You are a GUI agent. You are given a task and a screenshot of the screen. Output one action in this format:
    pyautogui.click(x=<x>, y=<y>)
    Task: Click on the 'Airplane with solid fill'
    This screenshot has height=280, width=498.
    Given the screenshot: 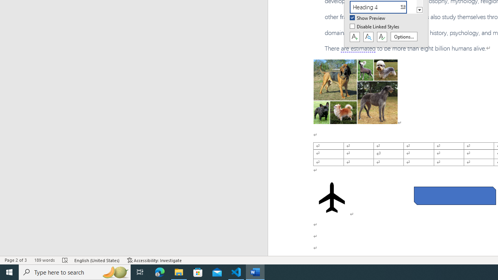 What is the action you would take?
    pyautogui.click(x=332, y=197)
    